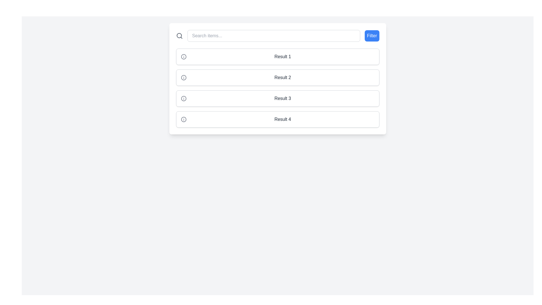 Image resolution: width=542 pixels, height=305 pixels. I want to click on the second selectable card in a vertical list of four cards, so click(277, 77).